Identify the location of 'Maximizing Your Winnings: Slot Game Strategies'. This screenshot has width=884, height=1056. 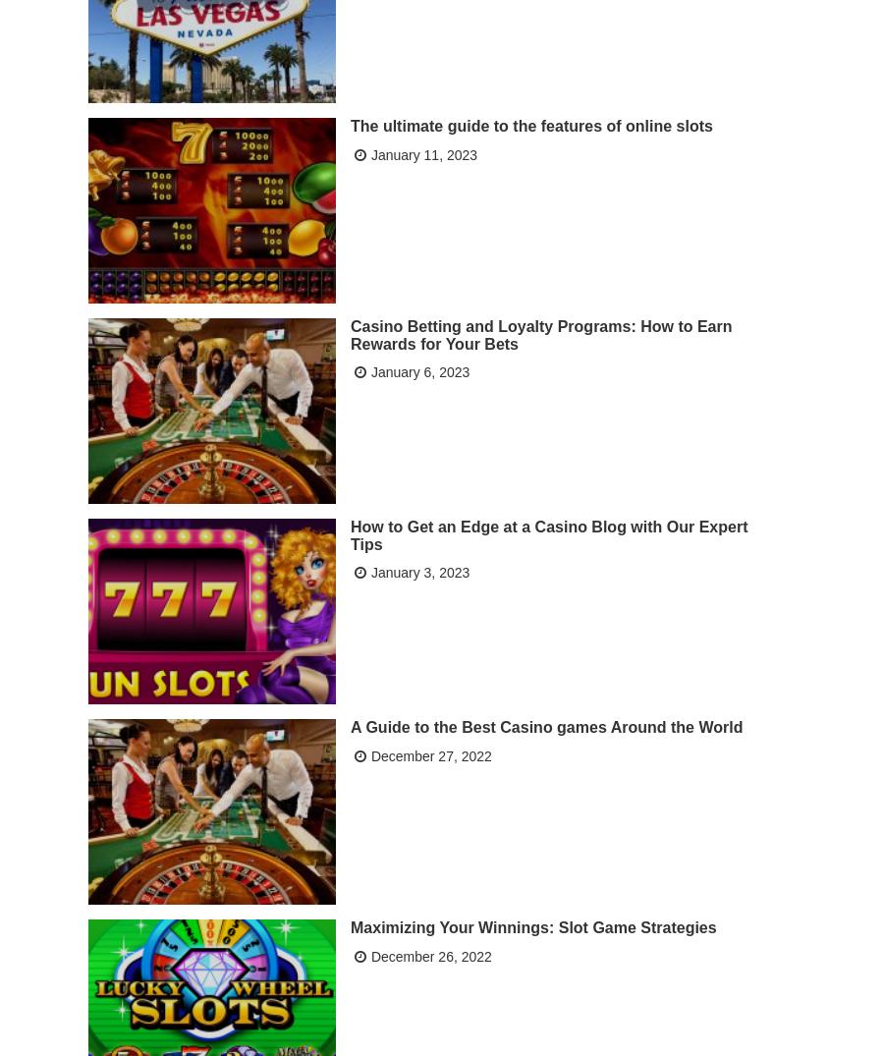
(531, 925).